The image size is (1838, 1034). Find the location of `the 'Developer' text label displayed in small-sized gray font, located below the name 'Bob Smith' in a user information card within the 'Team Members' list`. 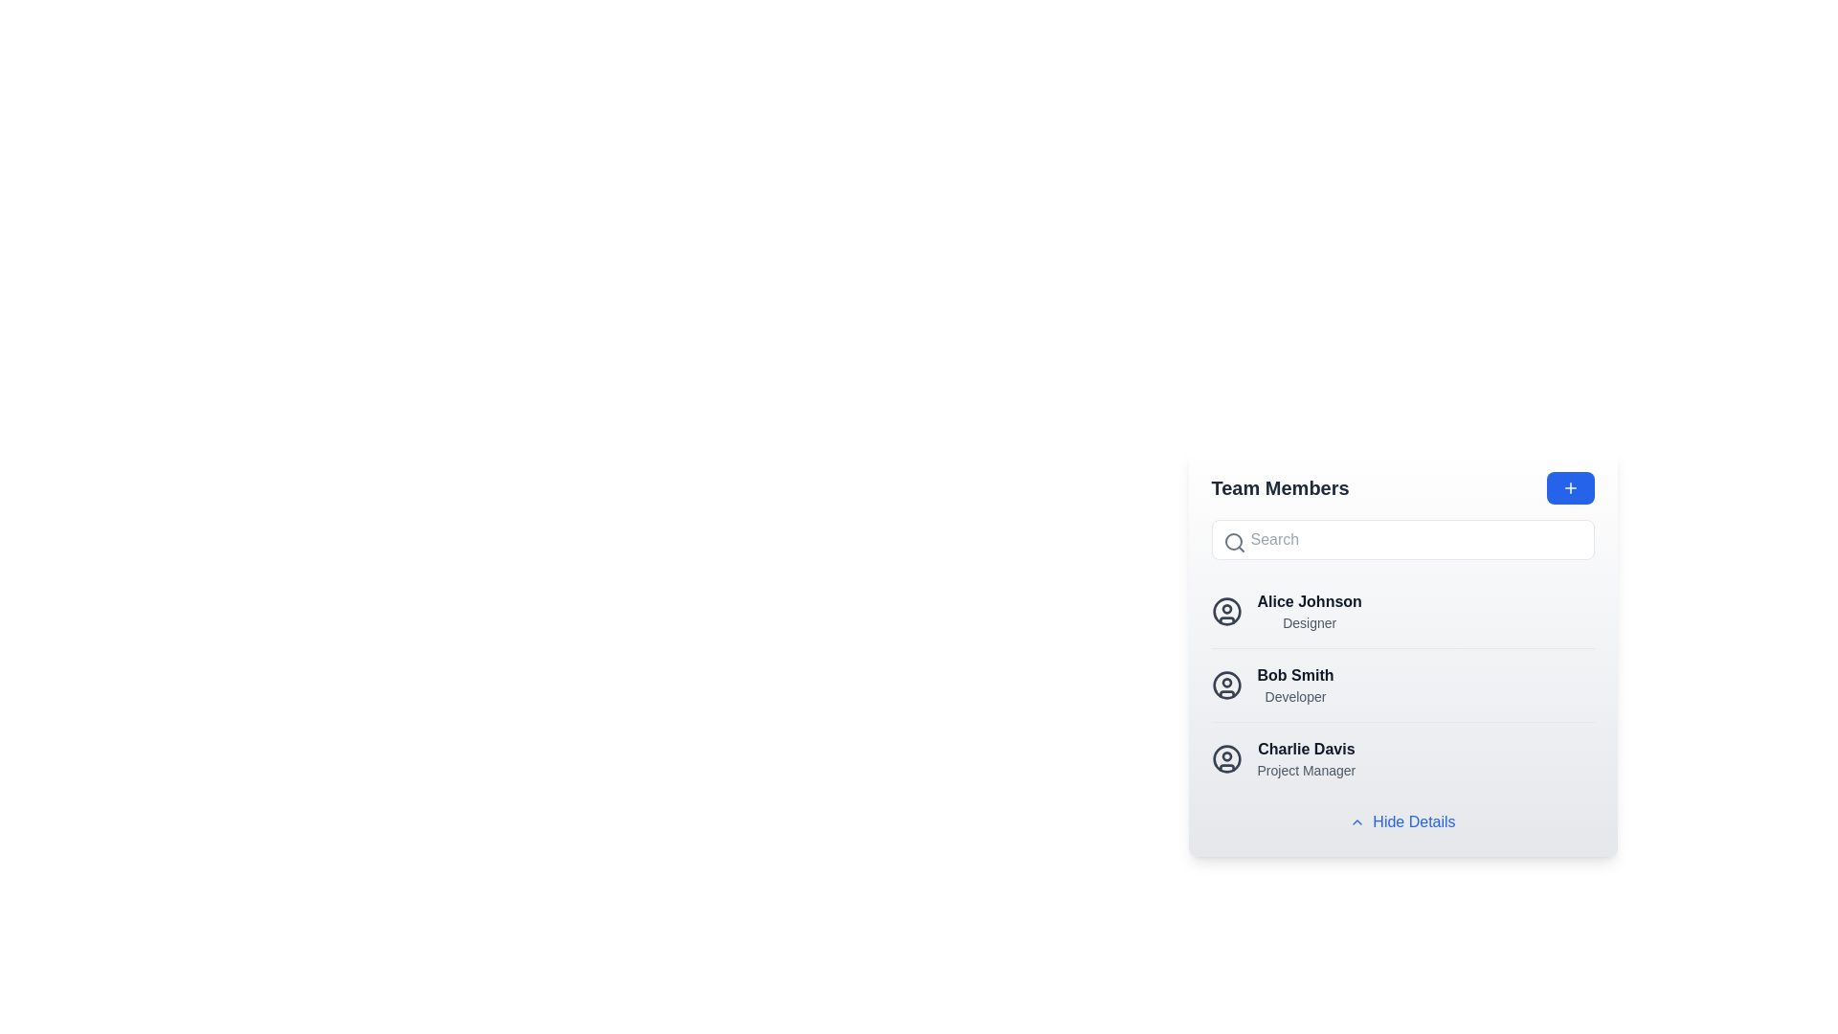

the 'Developer' text label displayed in small-sized gray font, located below the name 'Bob Smith' in a user information card within the 'Team Members' list is located at coordinates (1295, 697).